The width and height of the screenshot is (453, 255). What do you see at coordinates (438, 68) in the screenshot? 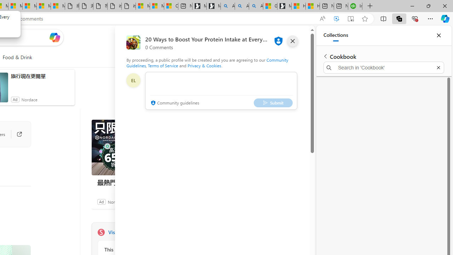
I see `'Exit search'` at bounding box center [438, 68].